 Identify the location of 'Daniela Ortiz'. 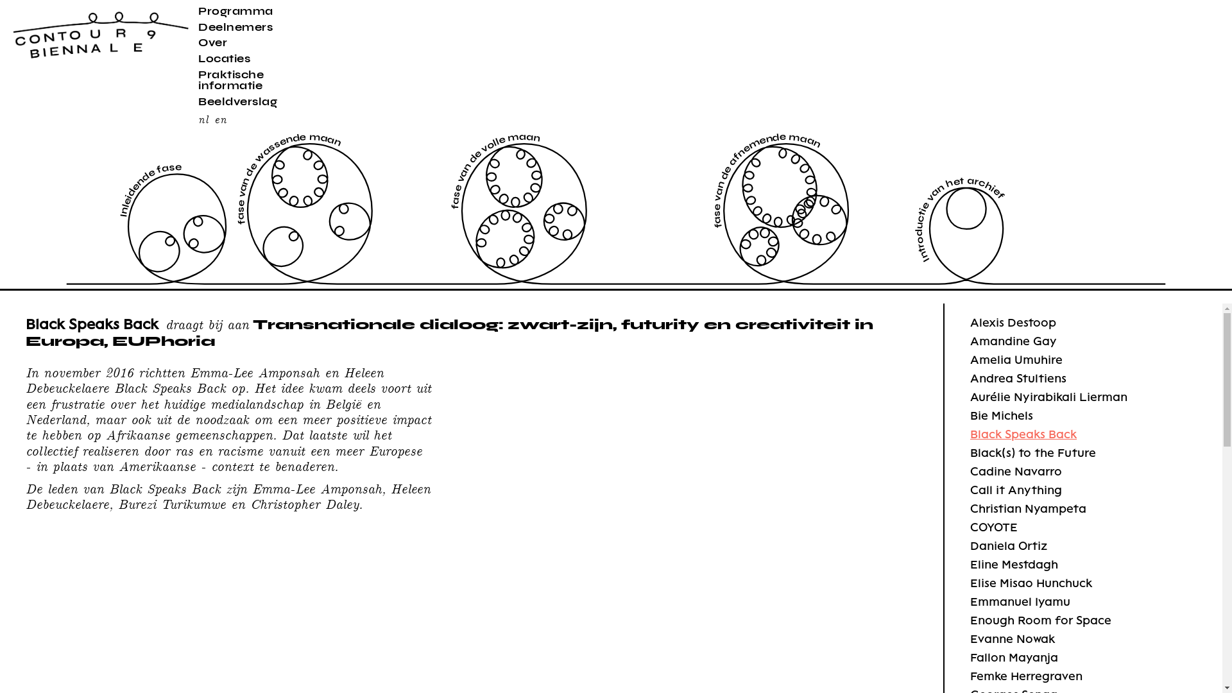
(1007, 545).